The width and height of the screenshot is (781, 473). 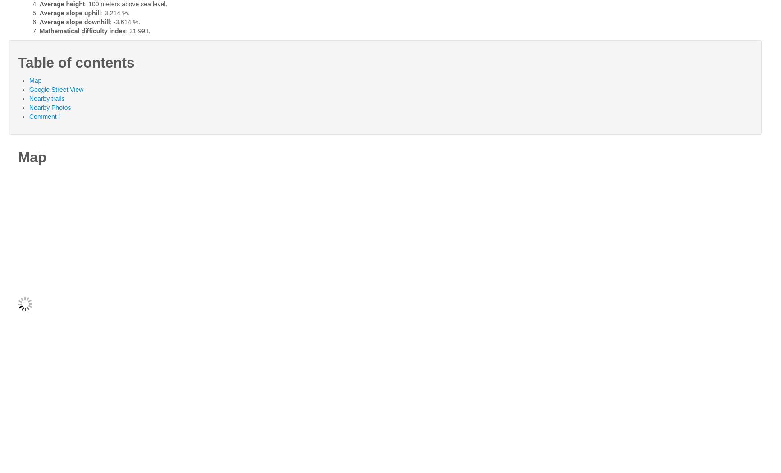 What do you see at coordinates (29, 117) in the screenshot?
I see `'Comment !'` at bounding box center [29, 117].